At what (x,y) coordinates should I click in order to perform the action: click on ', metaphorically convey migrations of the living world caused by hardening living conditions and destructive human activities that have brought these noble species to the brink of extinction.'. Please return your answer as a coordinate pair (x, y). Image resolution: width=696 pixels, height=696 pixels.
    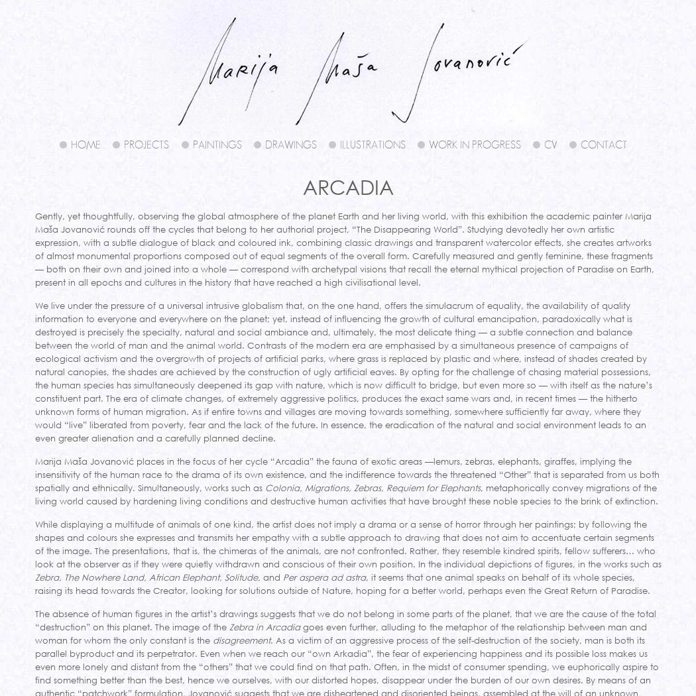
    Looking at the image, I should click on (345, 494).